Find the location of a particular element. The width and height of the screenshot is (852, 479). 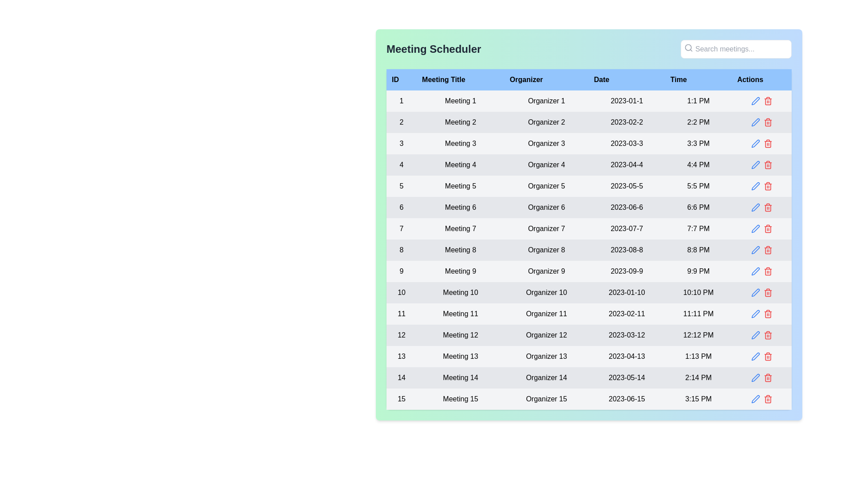

the delete icon in the 'Actions' column of the row labeled 'Meeting 4' is located at coordinates (767, 165).